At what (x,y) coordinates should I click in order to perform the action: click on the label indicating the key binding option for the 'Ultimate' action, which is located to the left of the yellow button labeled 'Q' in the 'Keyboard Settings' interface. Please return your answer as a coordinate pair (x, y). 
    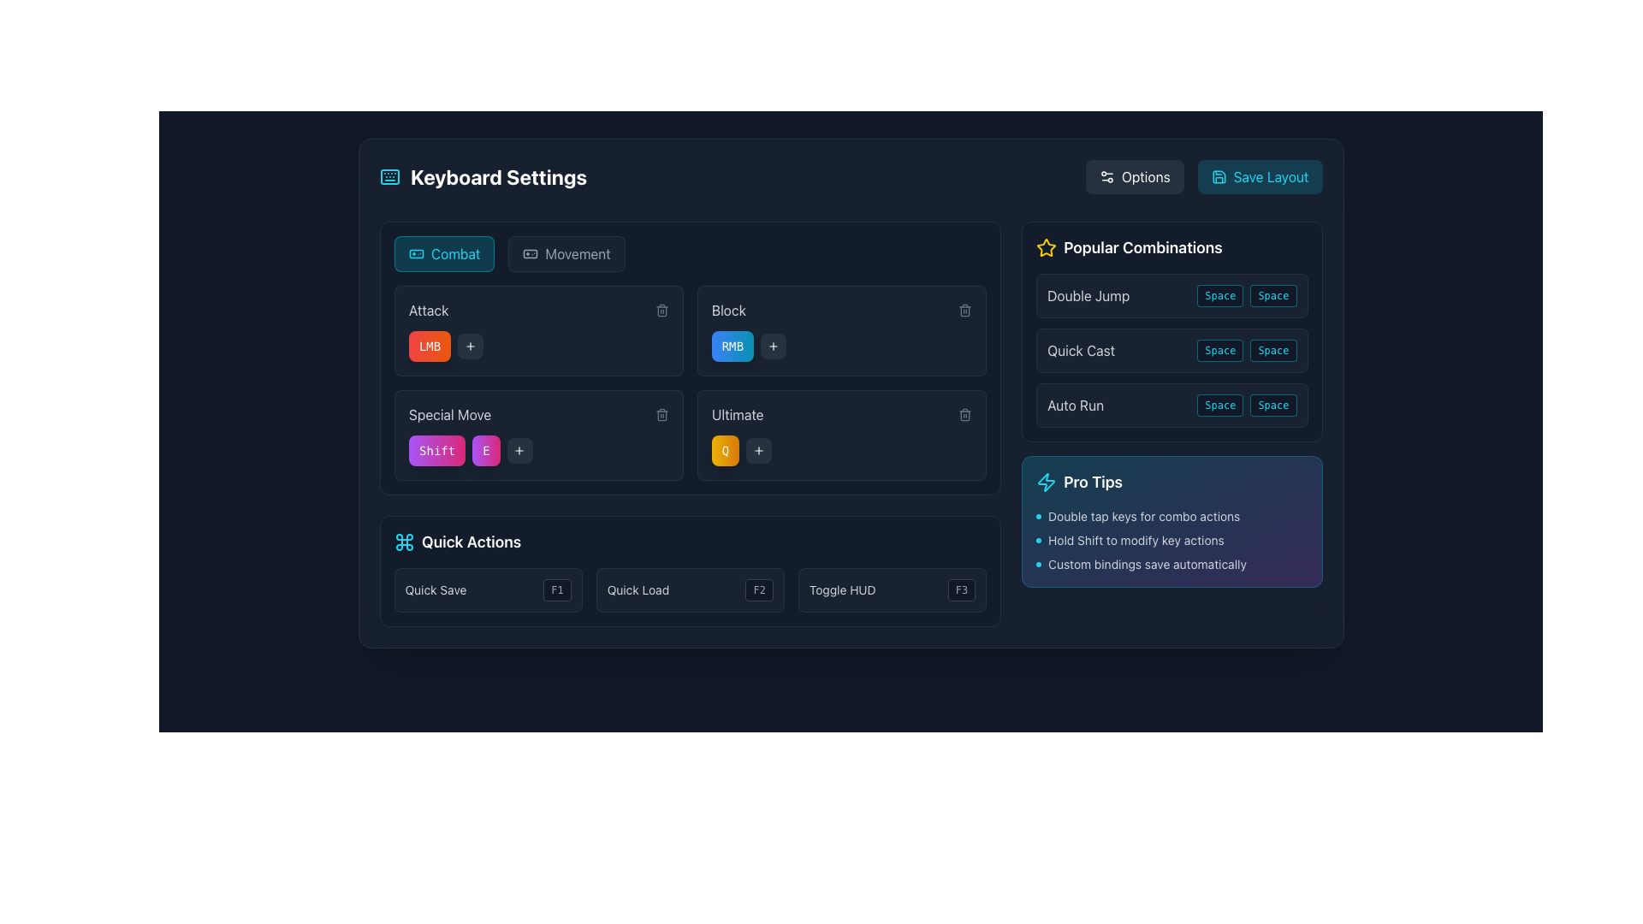
    Looking at the image, I should click on (738, 415).